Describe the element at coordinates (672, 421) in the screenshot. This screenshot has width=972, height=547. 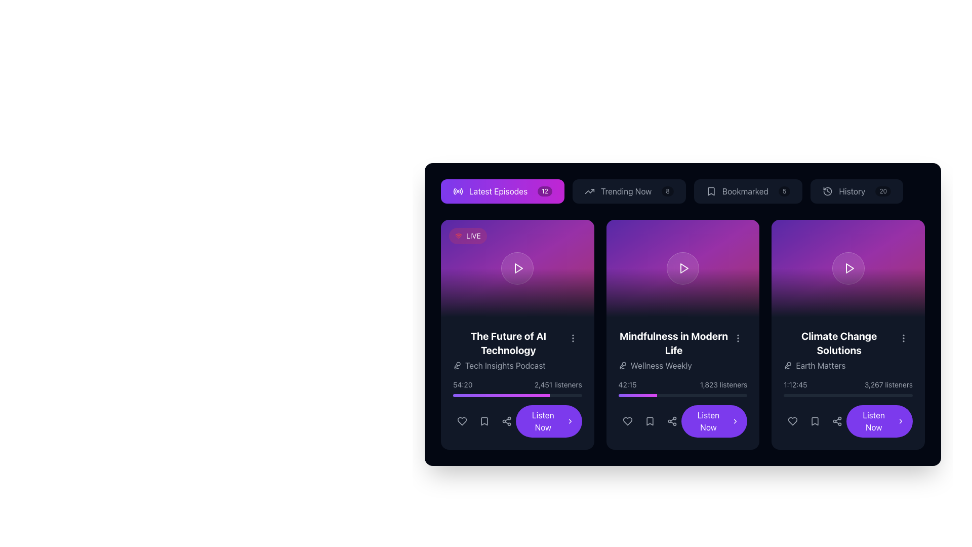
I see `the sharing button, which is the third interactive item at the bottom of the central card, to initiate the sharing action` at that location.